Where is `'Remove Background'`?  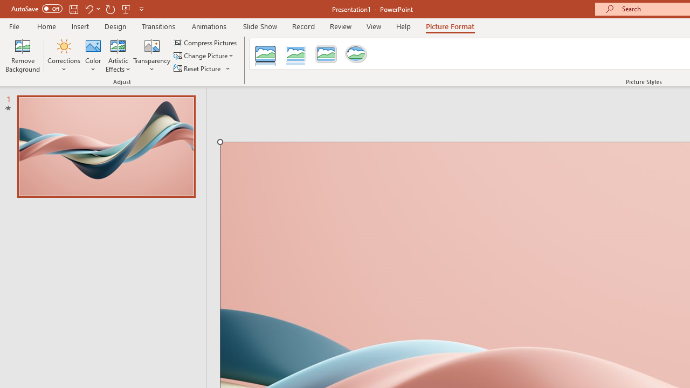
'Remove Background' is located at coordinates (23, 56).